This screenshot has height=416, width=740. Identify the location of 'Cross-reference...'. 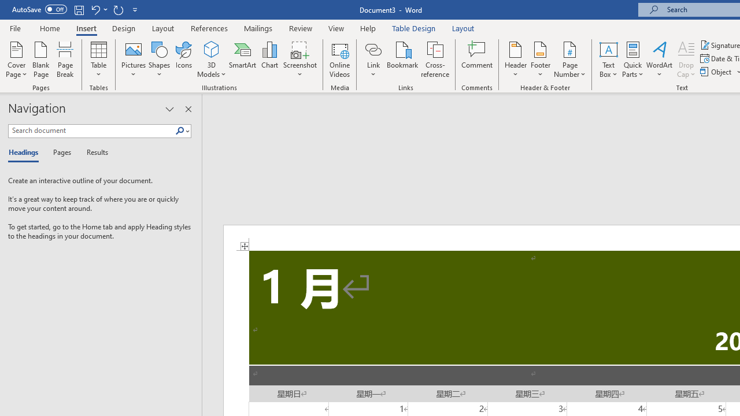
(434, 60).